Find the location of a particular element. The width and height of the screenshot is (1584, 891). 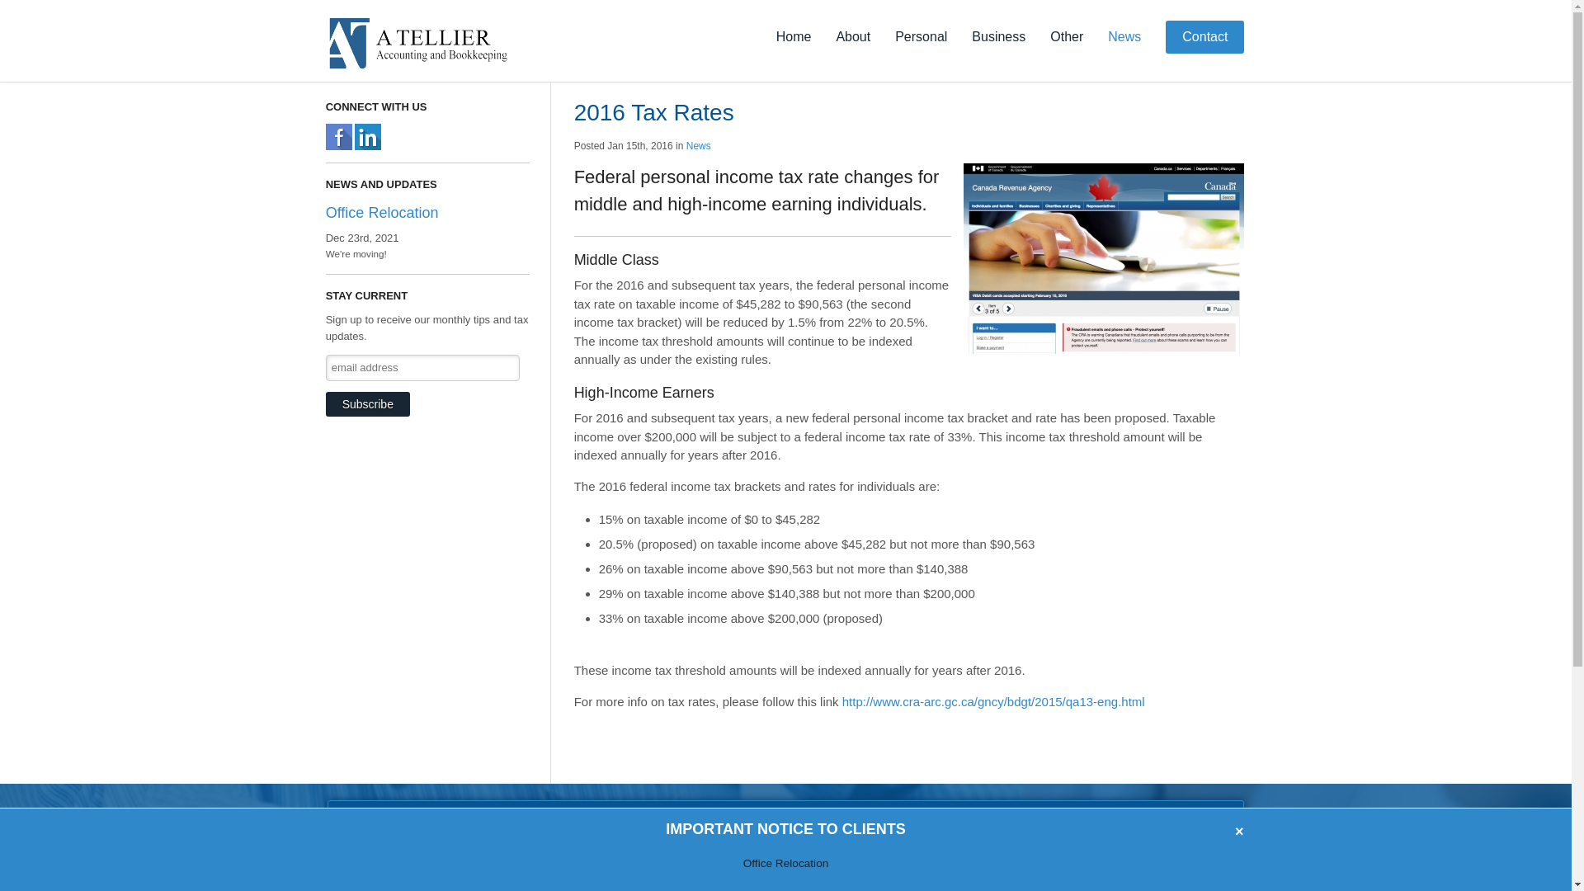

'Home' is located at coordinates (775, 37).